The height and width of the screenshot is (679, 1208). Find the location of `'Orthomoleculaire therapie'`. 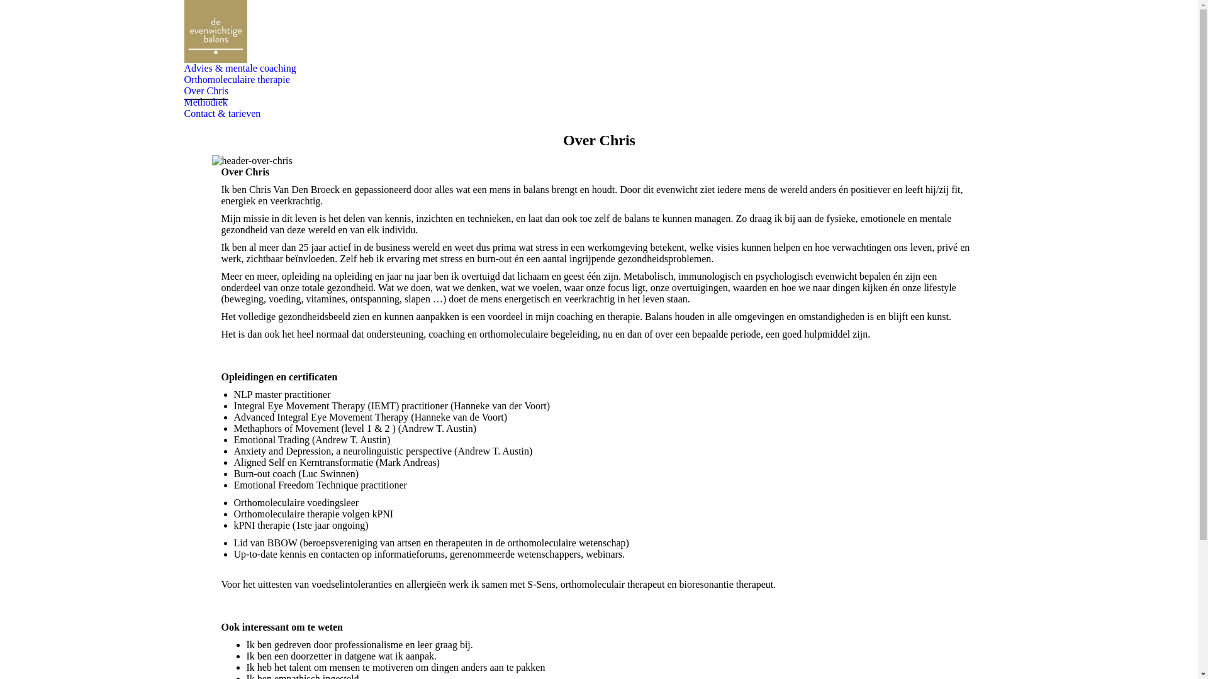

'Orthomoleculaire therapie' is located at coordinates (236, 80).